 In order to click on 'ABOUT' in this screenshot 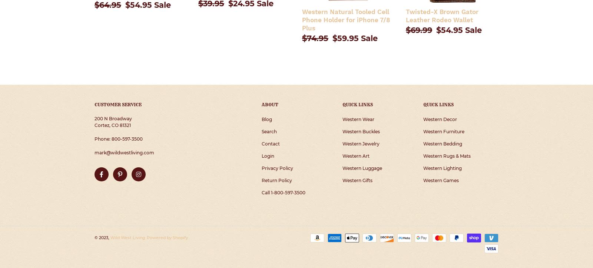, I will do `click(261, 104)`.